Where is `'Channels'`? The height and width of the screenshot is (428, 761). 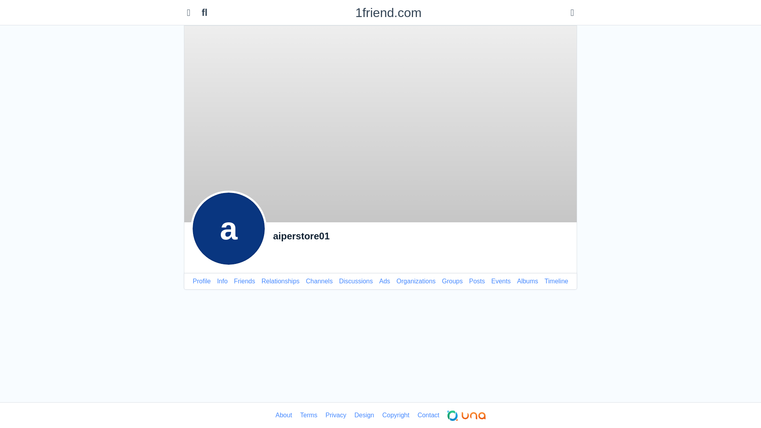 'Channels' is located at coordinates (319, 281).